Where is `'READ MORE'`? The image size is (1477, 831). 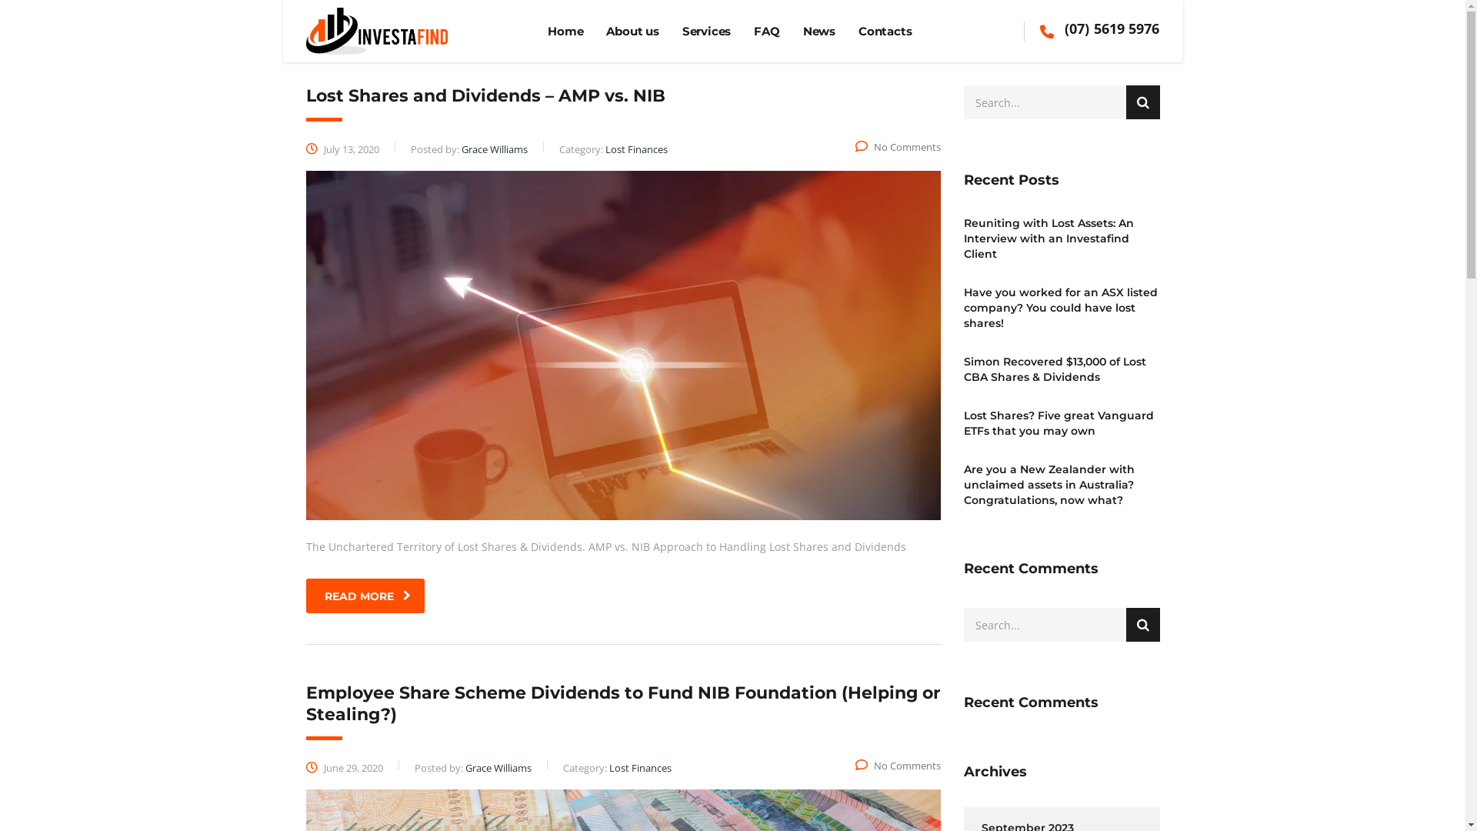 'READ MORE' is located at coordinates (365, 595).